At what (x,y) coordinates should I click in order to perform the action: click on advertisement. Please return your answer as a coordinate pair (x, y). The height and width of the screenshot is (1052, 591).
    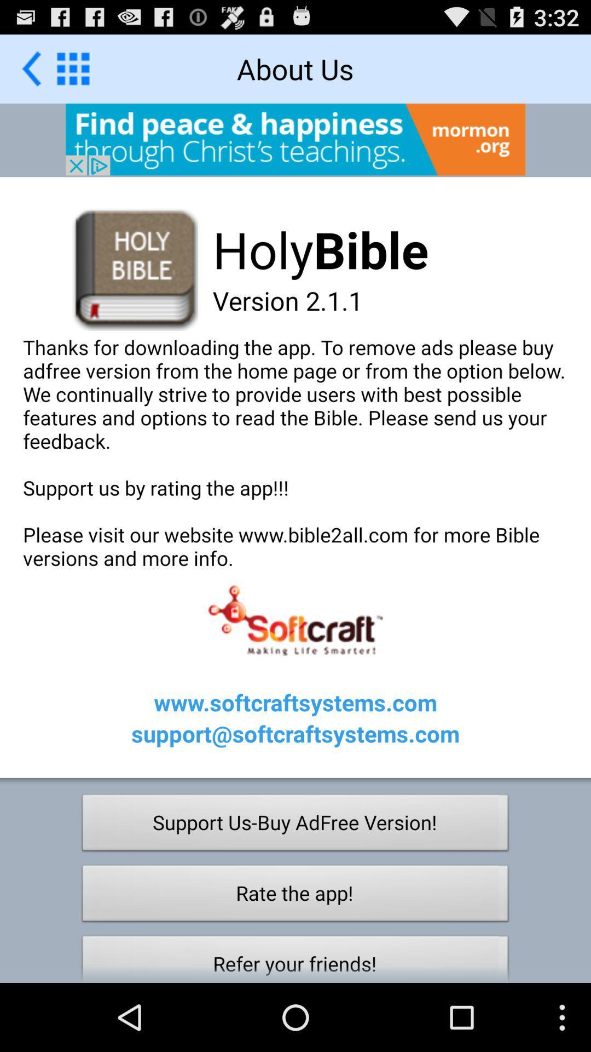
    Looking at the image, I should click on (296, 139).